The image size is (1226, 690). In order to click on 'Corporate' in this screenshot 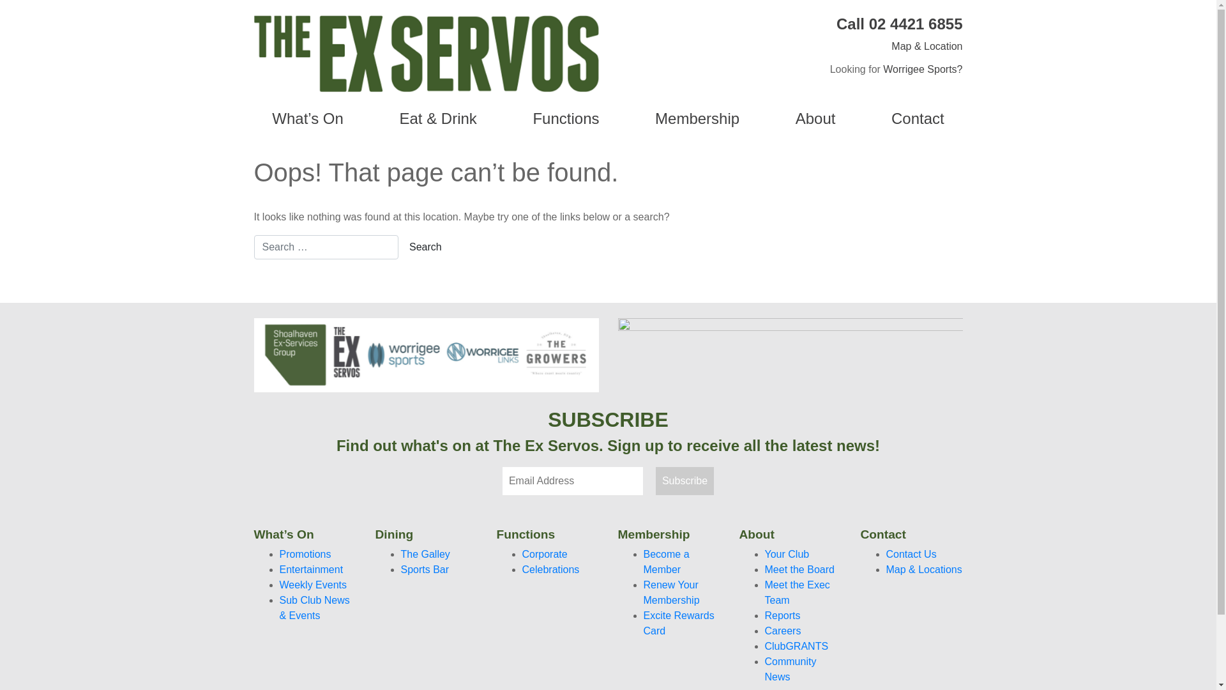, I will do `click(522, 553)`.